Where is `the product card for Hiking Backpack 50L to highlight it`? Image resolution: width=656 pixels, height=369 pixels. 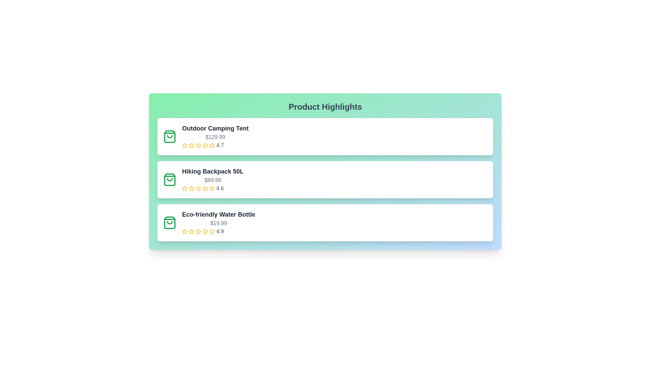
the product card for Hiking Backpack 50L to highlight it is located at coordinates (325, 179).